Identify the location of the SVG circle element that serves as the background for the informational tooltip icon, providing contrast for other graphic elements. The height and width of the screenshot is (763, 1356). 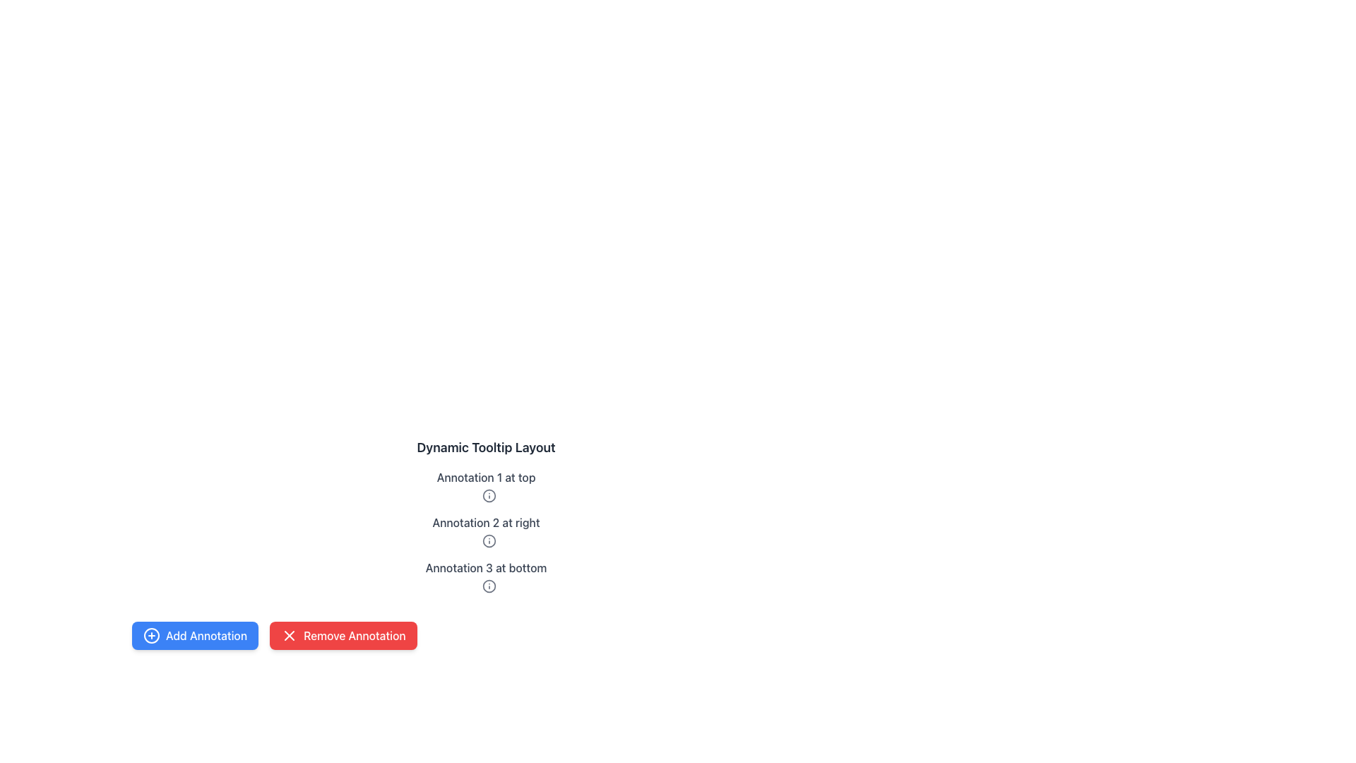
(489, 495).